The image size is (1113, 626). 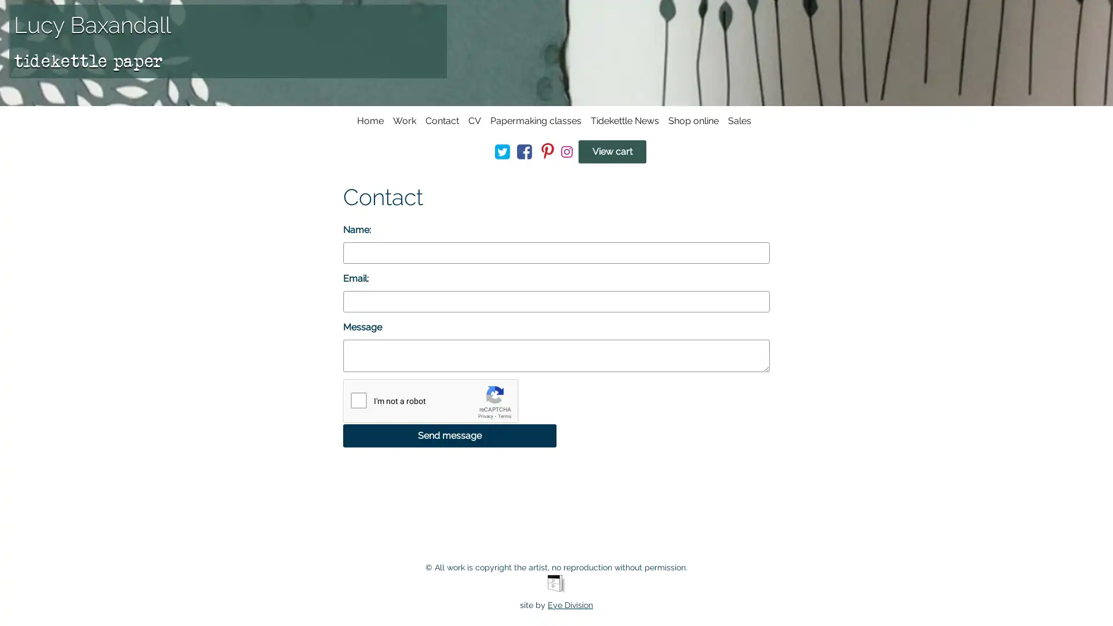 What do you see at coordinates (449, 435) in the screenshot?
I see `Send message` at bounding box center [449, 435].